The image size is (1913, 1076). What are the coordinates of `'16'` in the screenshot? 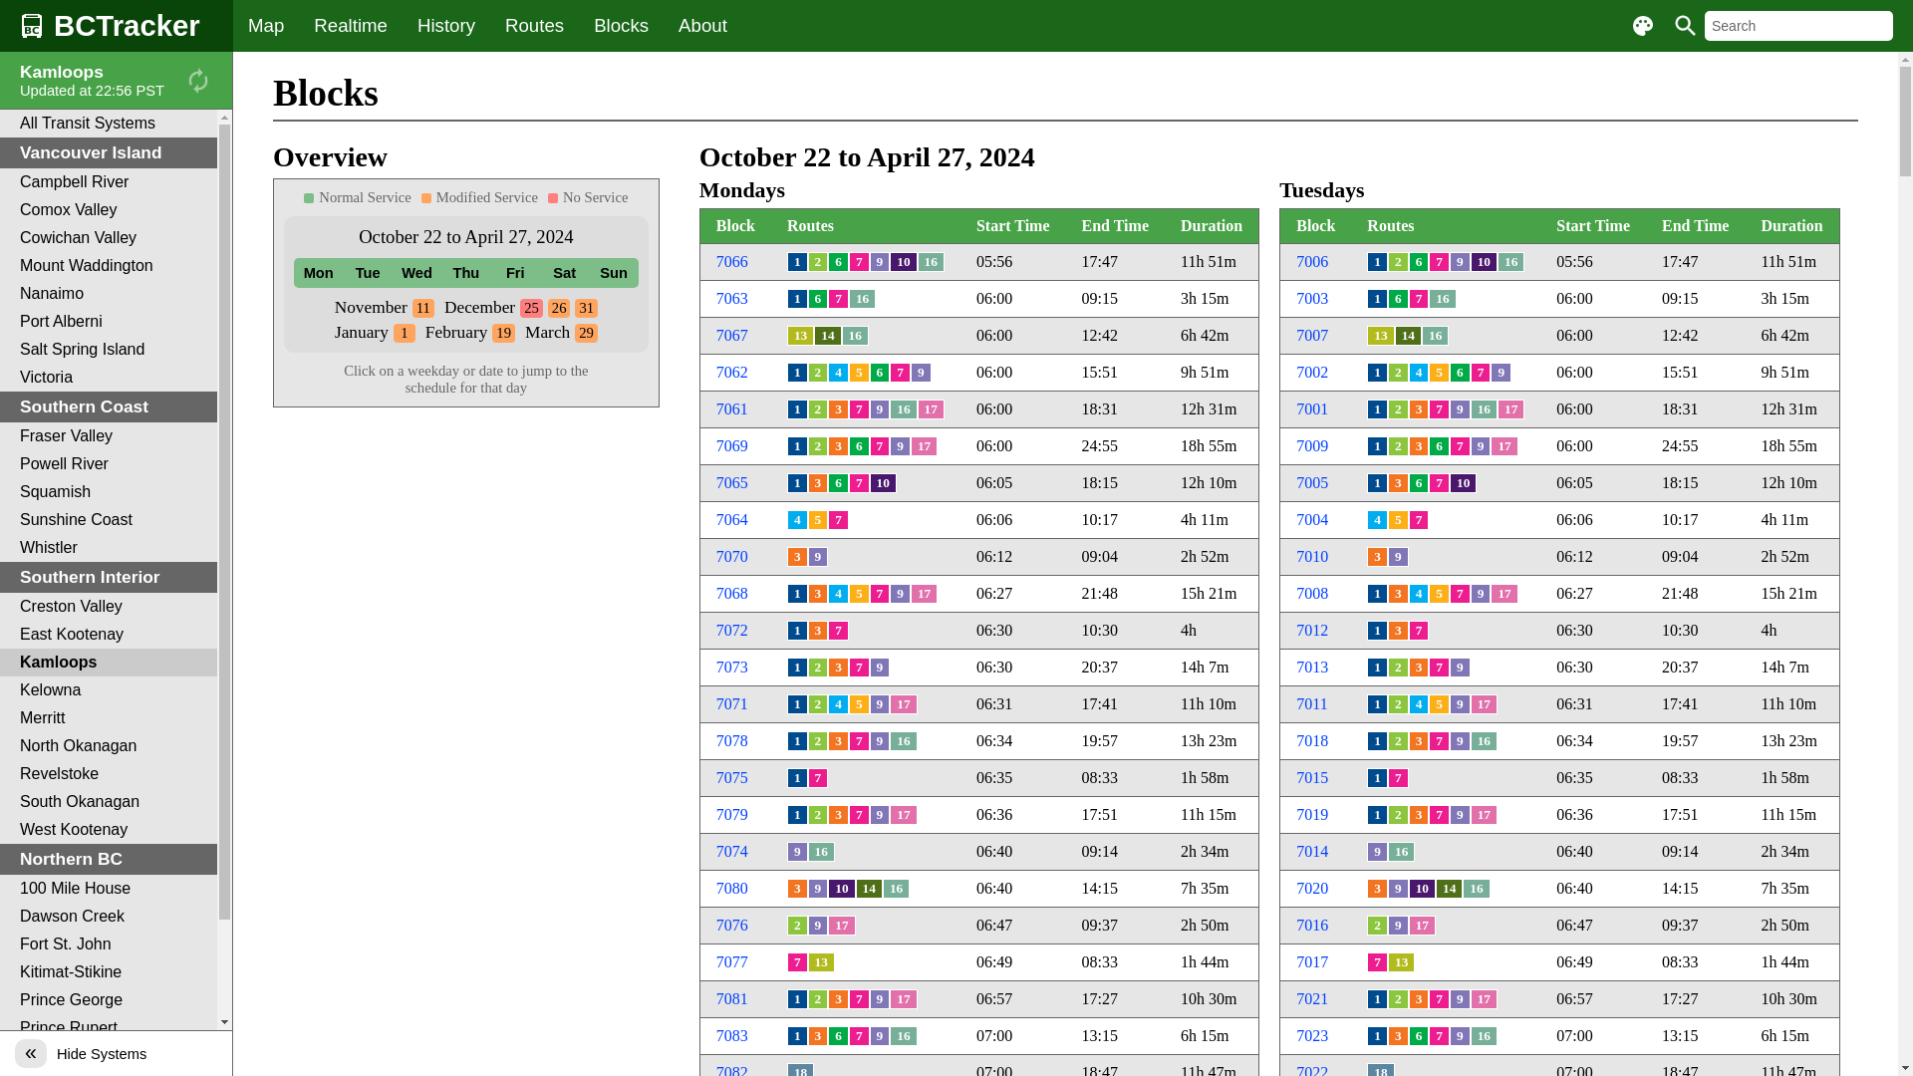 It's located at (862, 299).